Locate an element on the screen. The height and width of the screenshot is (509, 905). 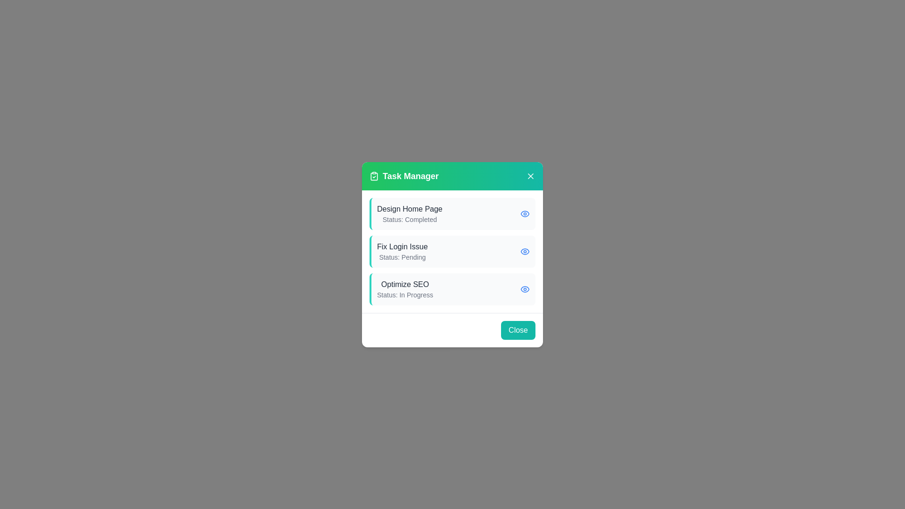
the 'Close' button located at the bottom-right corner of the 'Task Manager' modal to visualize the hover color change is located at coordinates (518, 329).